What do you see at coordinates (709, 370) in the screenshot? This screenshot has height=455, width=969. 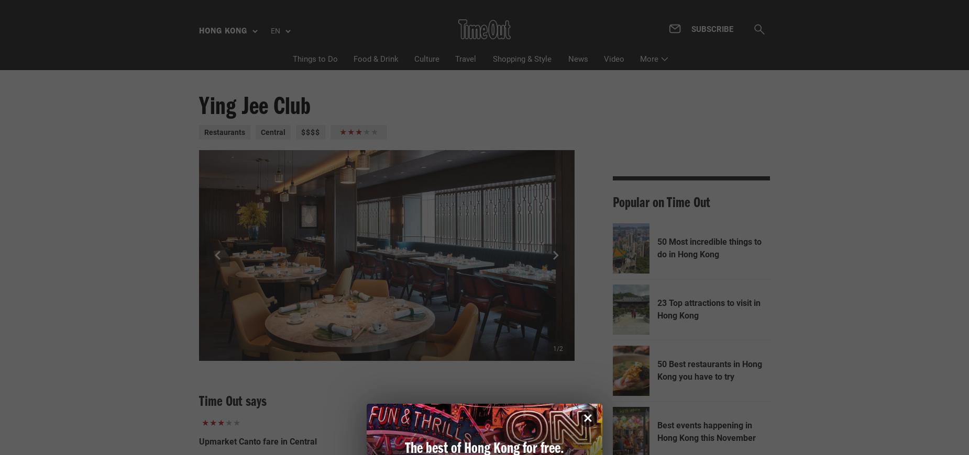 I see `'50 Best restaurants in Hong Kong you have to try'` at bounding box center [709, 370].